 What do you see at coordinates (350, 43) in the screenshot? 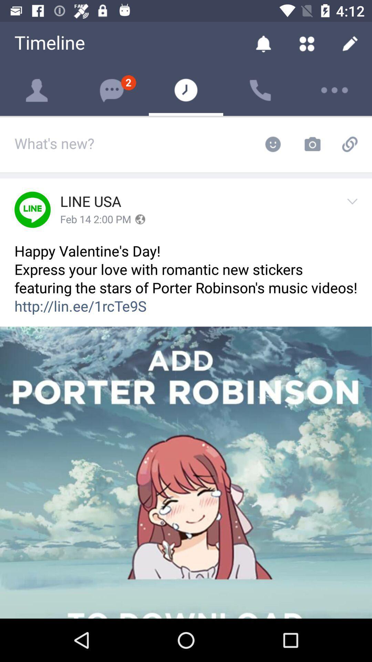
I see `the edit icon shown at the top right corner of the page` at bounding box center [350, 43].